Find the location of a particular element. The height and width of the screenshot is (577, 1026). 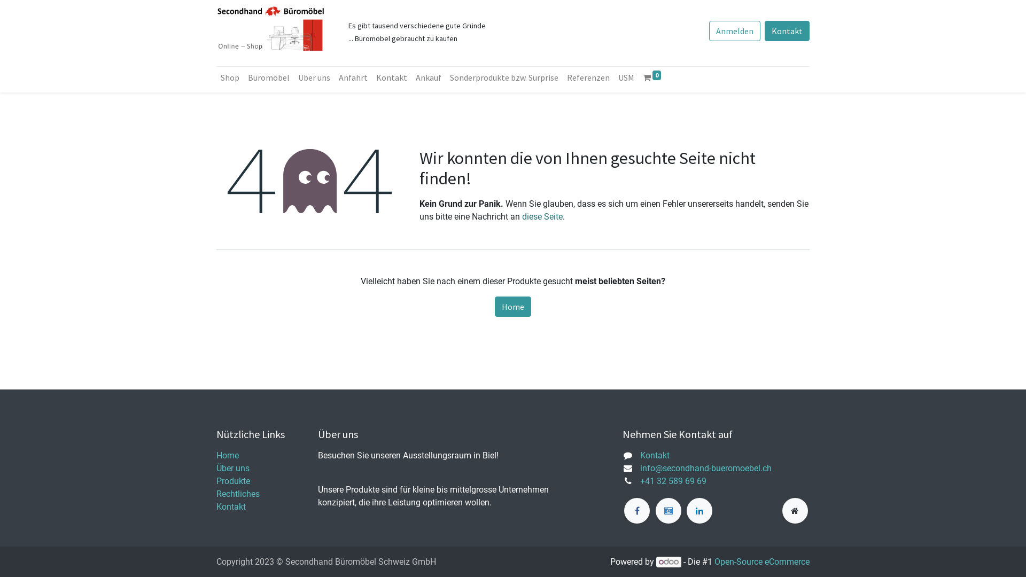

'Rechtliches' is located at coordinates (237, 494).